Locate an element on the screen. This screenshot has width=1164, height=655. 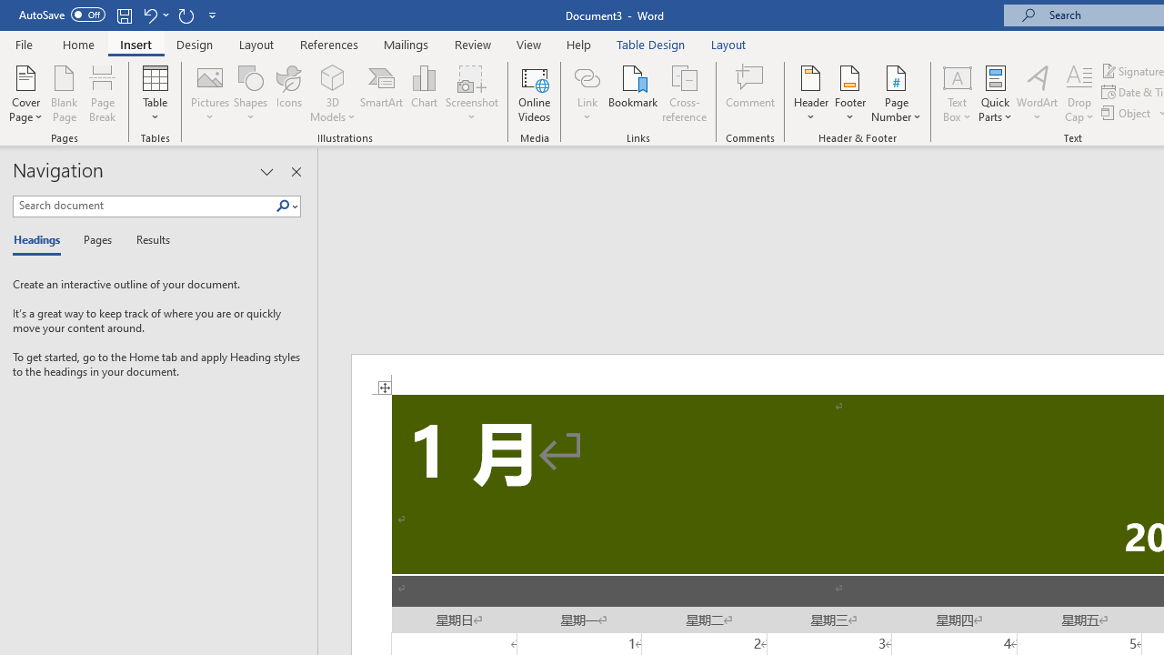
'Online Videos...' is located at coordinates (534, 94).